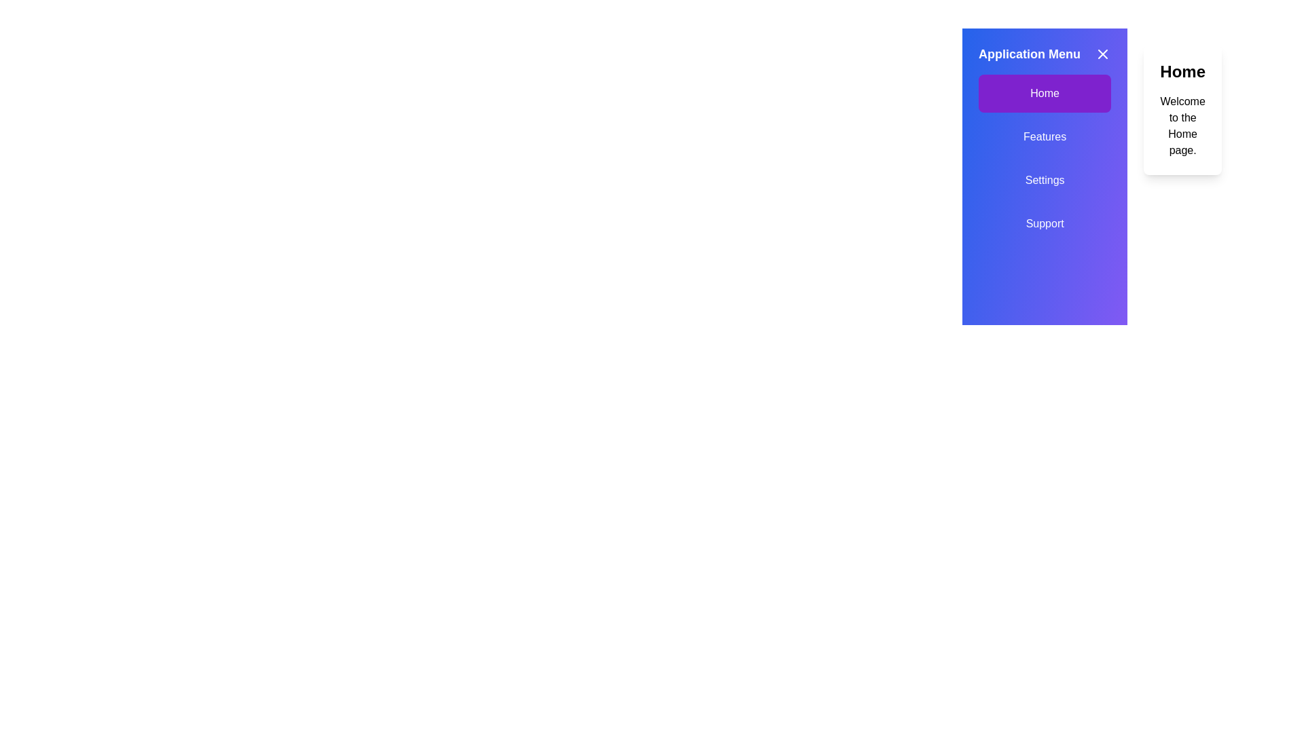 The image size is (1304, 733). Describe the element at coordinates (1103, 54) in the screenshot. I see `the close button to toggle the drawer closed` at that location.